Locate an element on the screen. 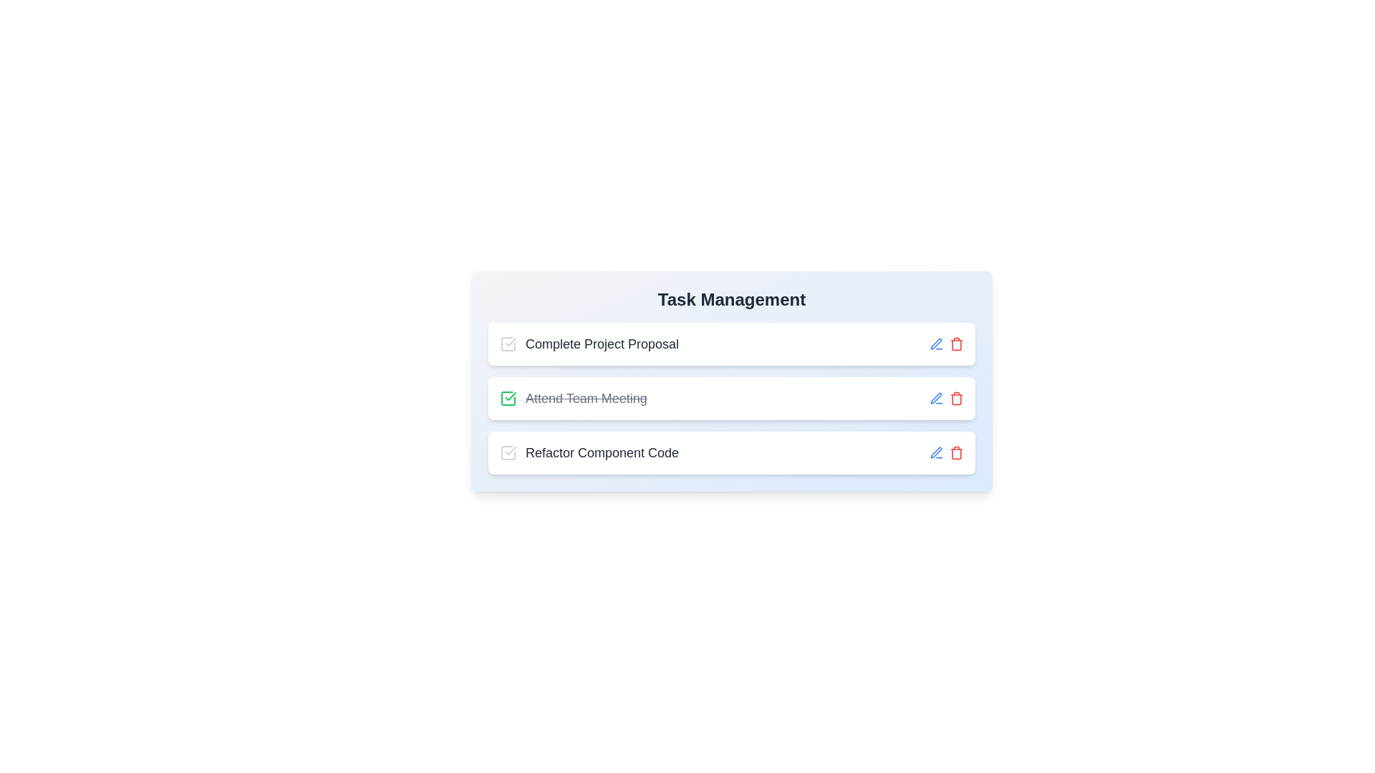  the edit icon button located in the second task entry row to the right of the task description 'Attend Team Meeting' and left of the red trash icon to initiate editing of the task details is located at coordinates (937, 398).